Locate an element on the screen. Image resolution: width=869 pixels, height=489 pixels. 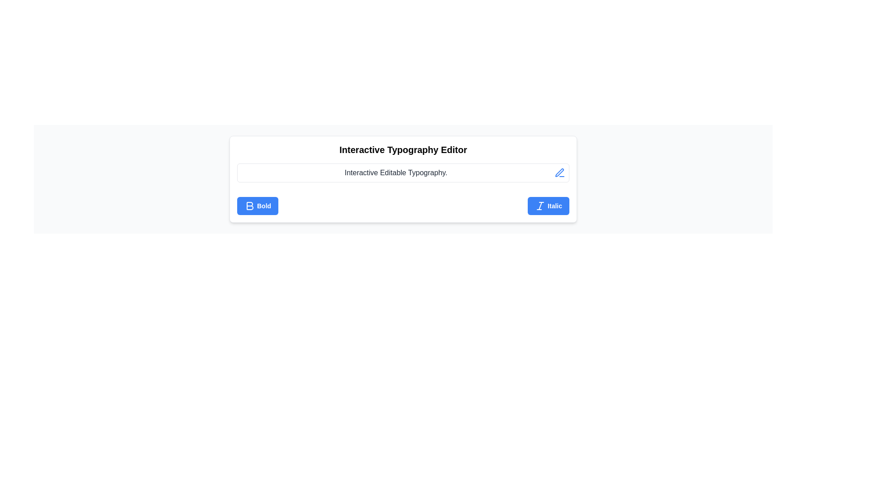
the bold icon button represented by the character 'B' with a blue fill color in the formatting toolbar is located at coordinates (250, 206).